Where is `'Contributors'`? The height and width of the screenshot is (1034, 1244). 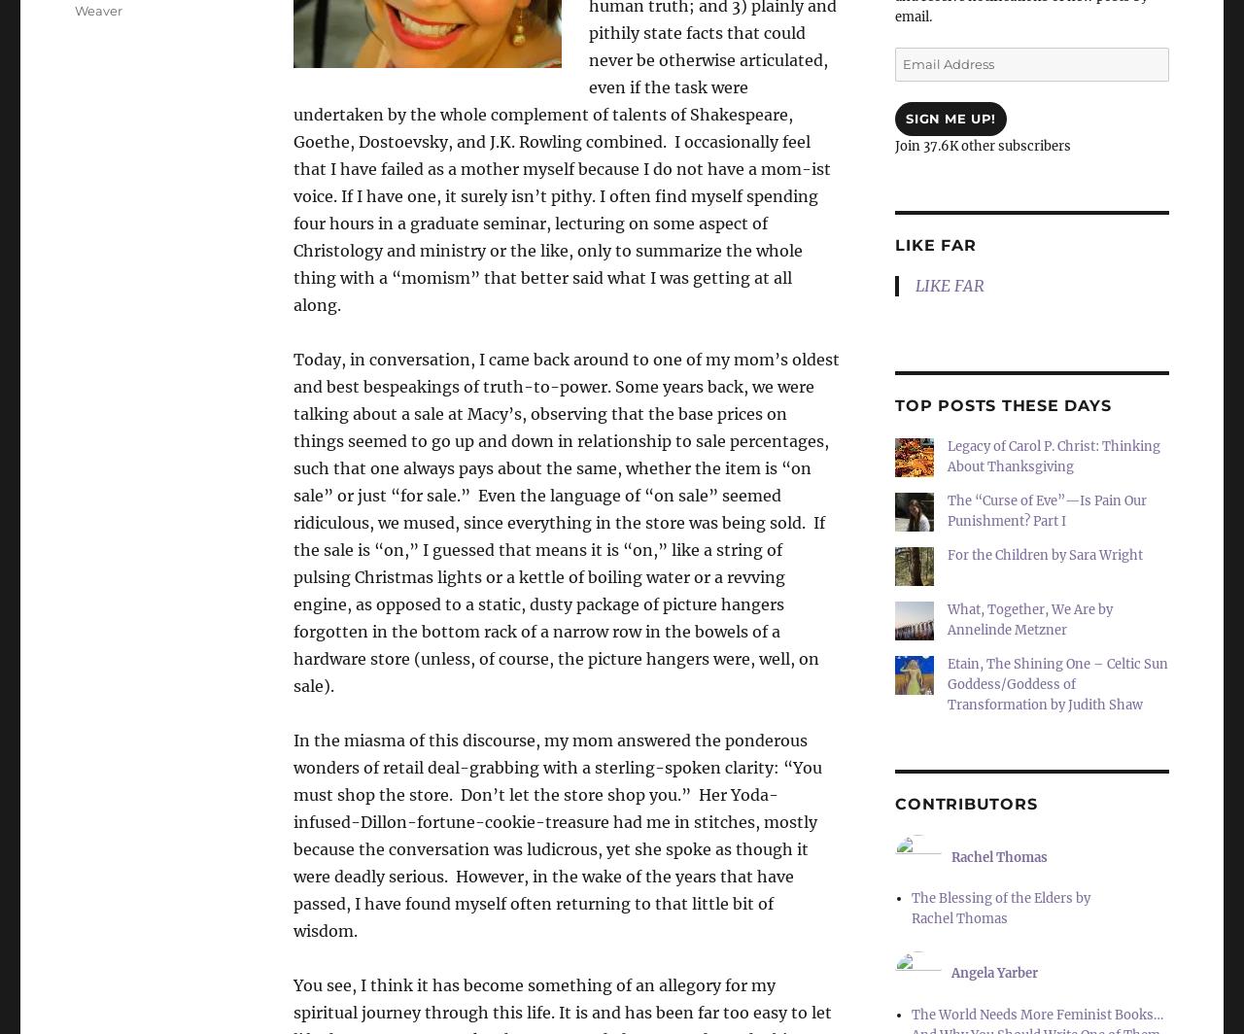
'Contributors' is located at coordinates (966, 804).